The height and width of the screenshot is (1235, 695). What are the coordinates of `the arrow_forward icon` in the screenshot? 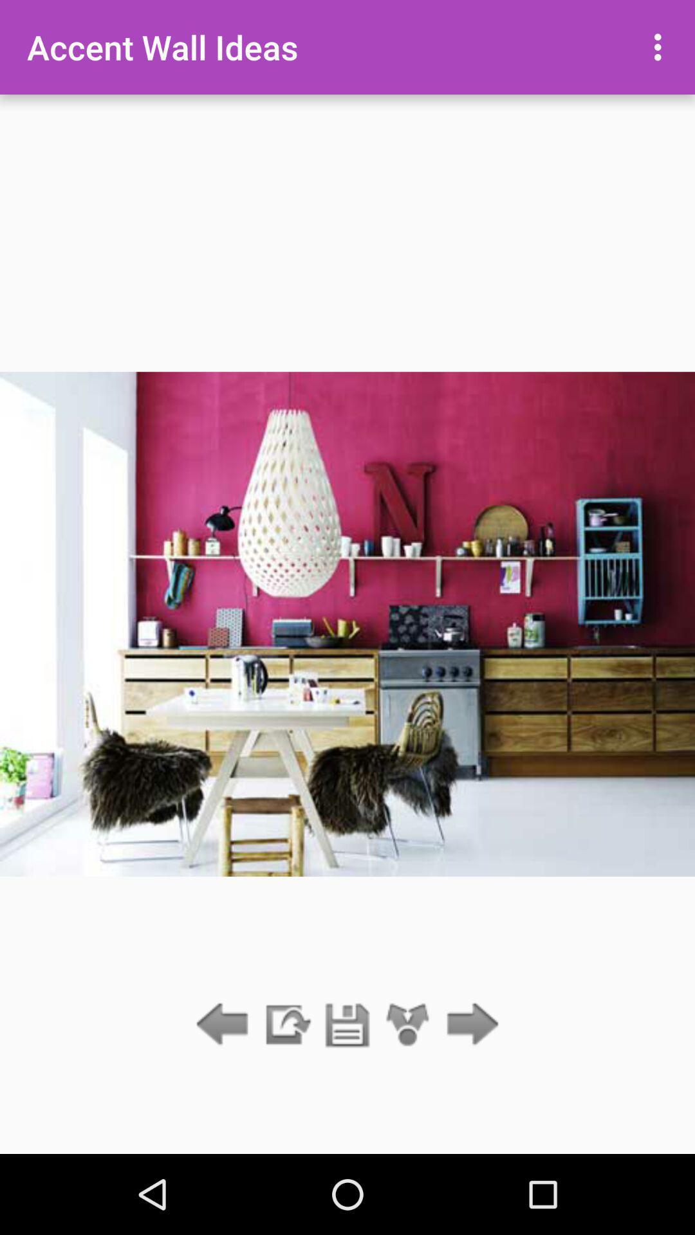 It's located at (469, 1025).